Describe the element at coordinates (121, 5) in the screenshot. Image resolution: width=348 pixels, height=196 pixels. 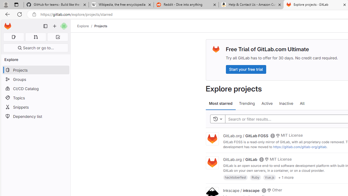
I see `'Wikipedia, the free encyclopedia'` at that location.